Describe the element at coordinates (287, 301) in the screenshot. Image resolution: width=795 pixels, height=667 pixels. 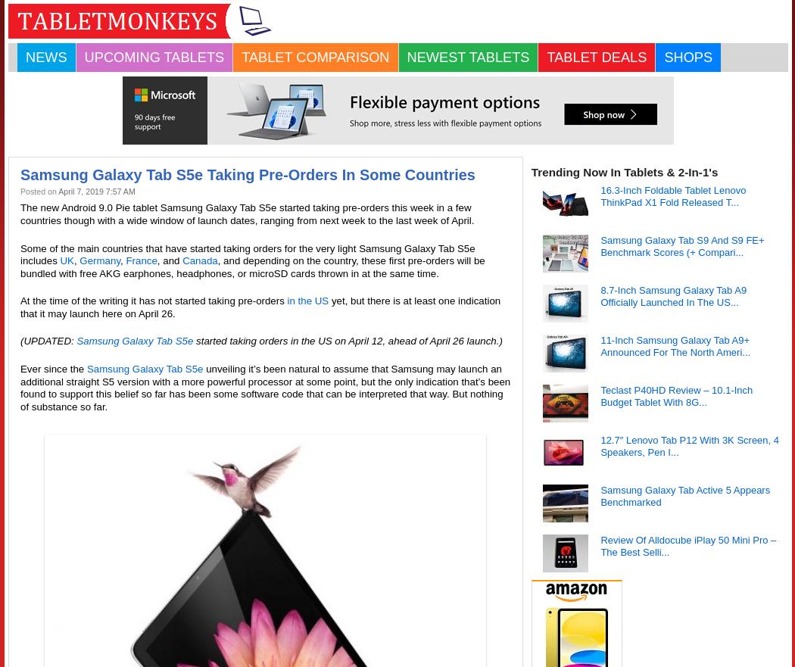
I see `'in the US'` at that location.